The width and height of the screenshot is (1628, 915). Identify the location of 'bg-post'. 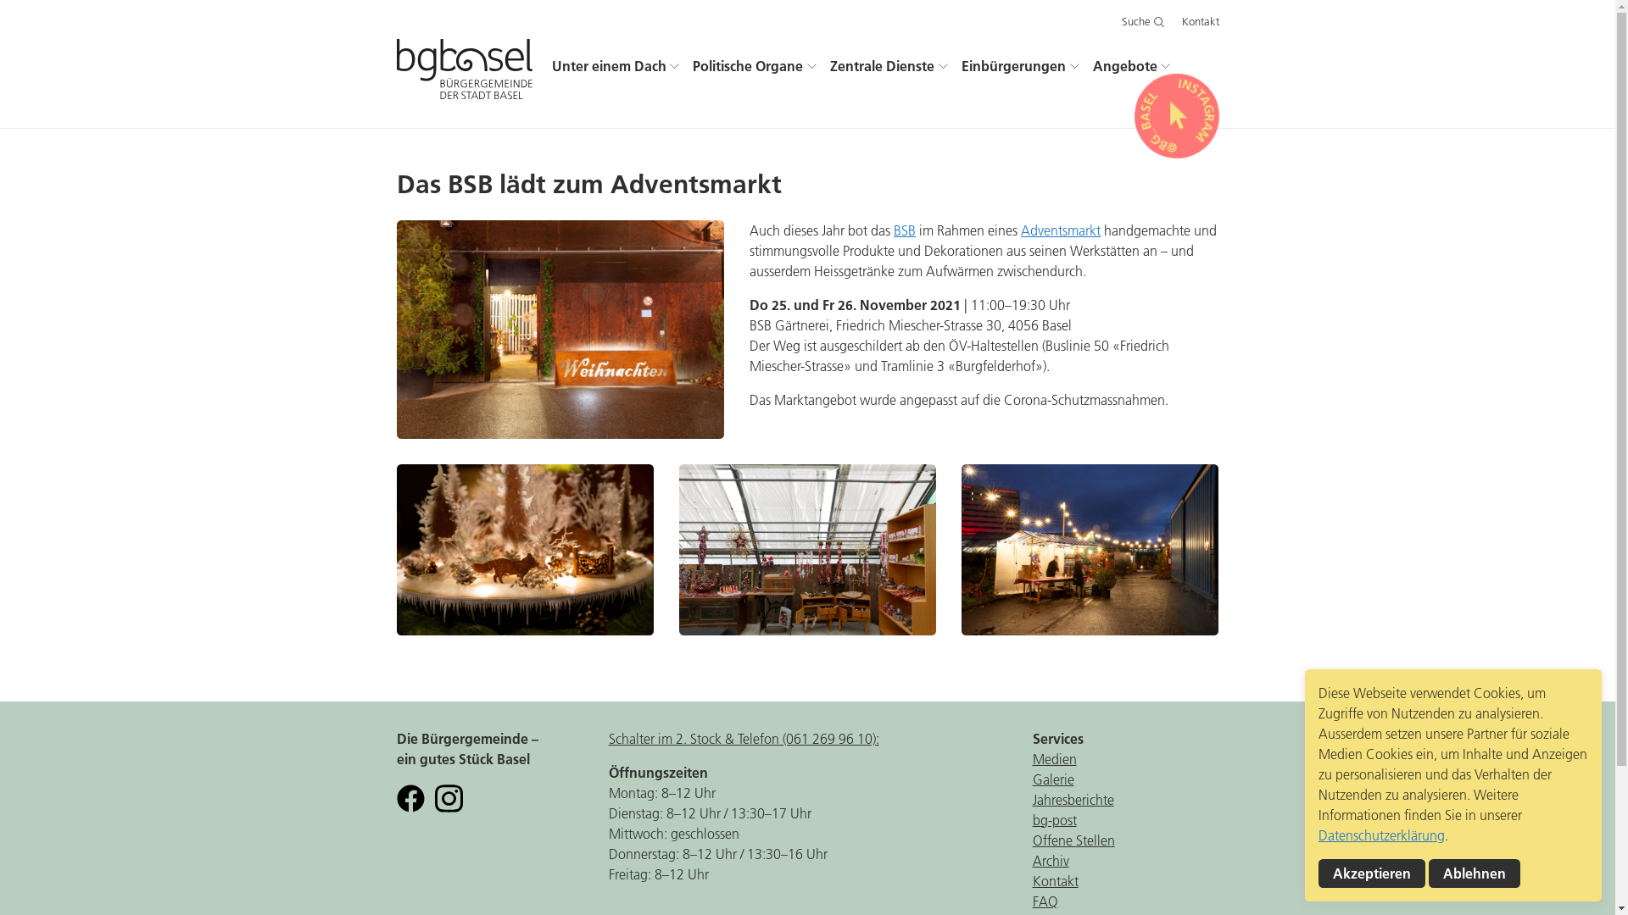
(1053, 819).